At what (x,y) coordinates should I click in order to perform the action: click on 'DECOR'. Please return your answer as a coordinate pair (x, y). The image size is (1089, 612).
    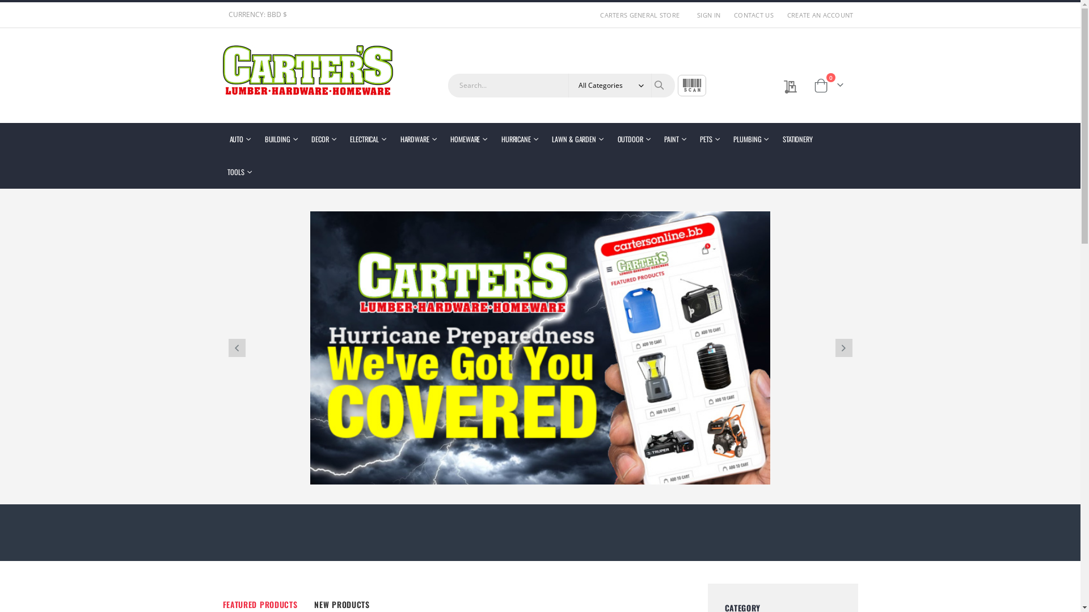
    Looking at the image, I should click on (323, 139).